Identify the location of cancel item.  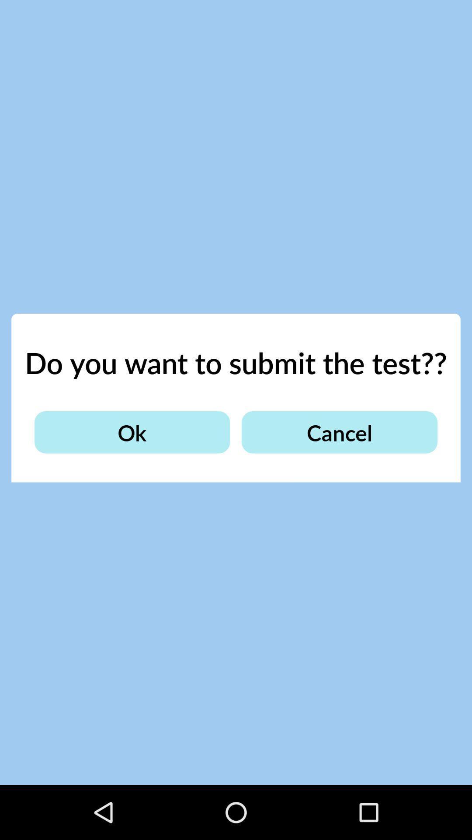
(339, 432).